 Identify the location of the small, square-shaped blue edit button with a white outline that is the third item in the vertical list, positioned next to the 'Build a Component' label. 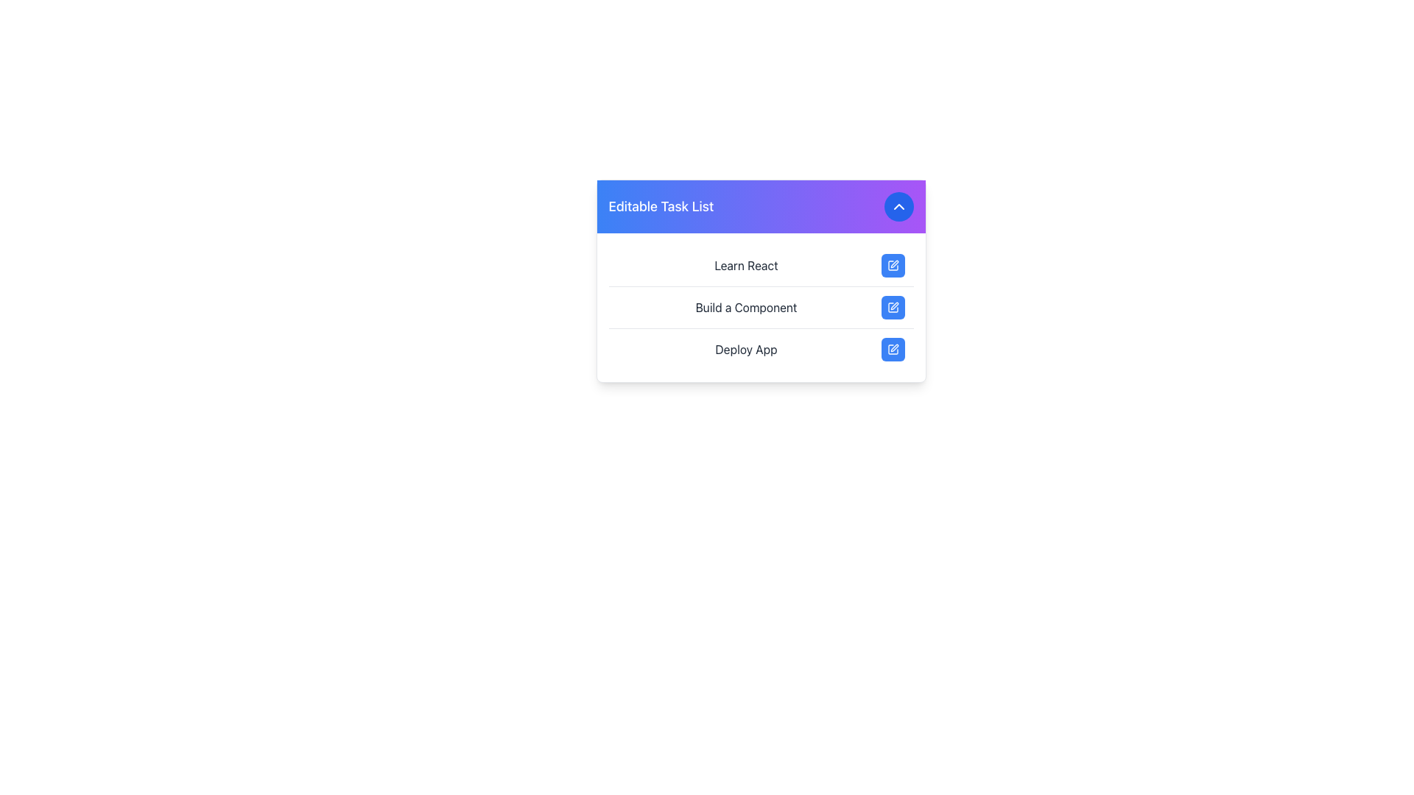
(892, 306).